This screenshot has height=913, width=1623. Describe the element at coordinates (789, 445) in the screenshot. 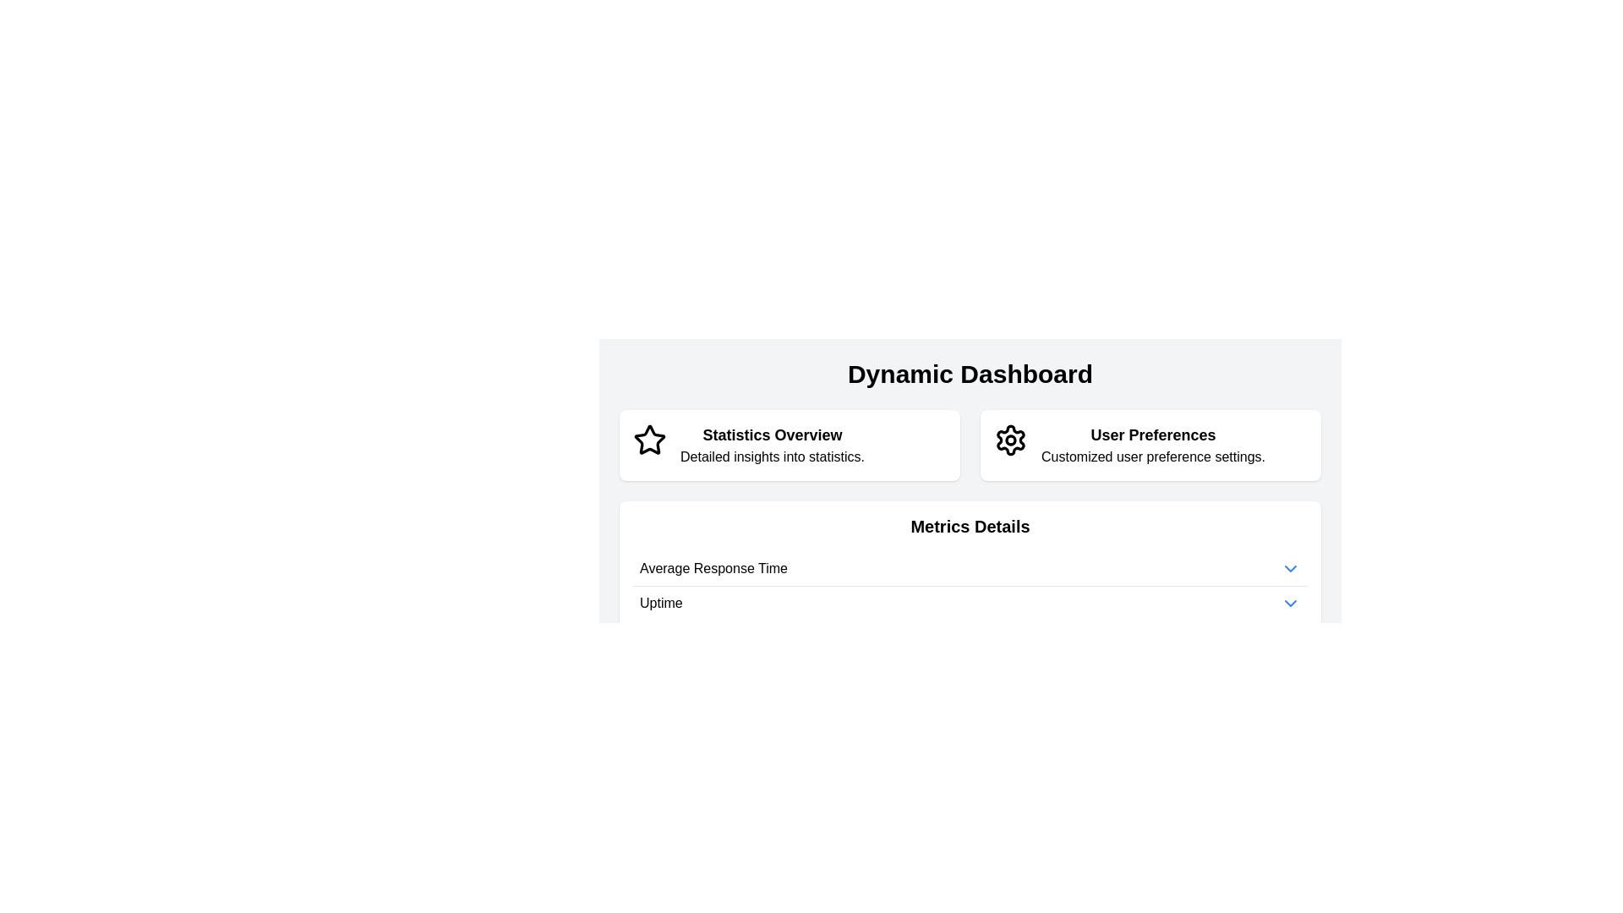

I see `the Informational Card located in the top-left section of the interface, which provides access to detailed statistical insights` at that location.